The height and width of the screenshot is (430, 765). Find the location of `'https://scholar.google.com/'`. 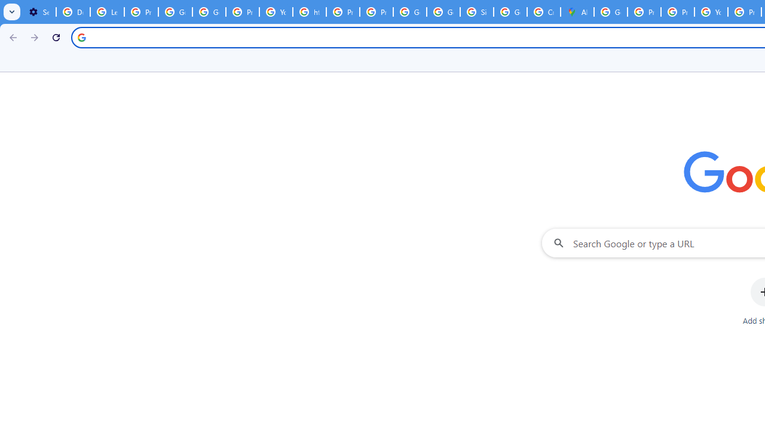

'https://scholar.google.com/' is located at coordinates (310, 12).